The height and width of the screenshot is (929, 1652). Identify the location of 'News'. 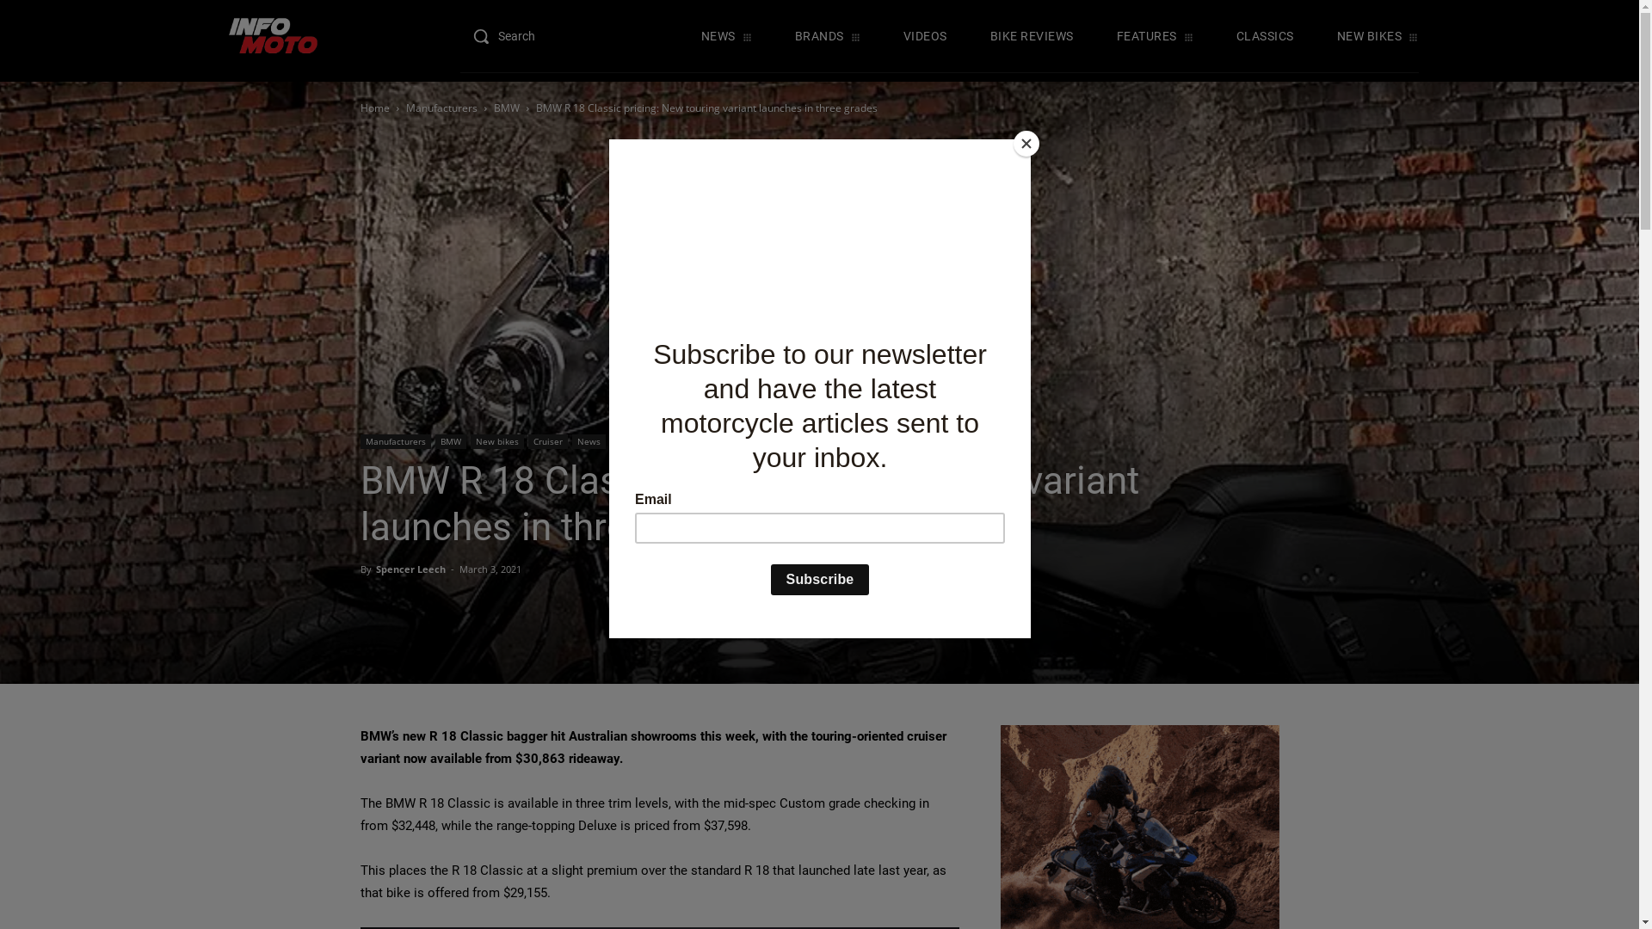
(588, 440).